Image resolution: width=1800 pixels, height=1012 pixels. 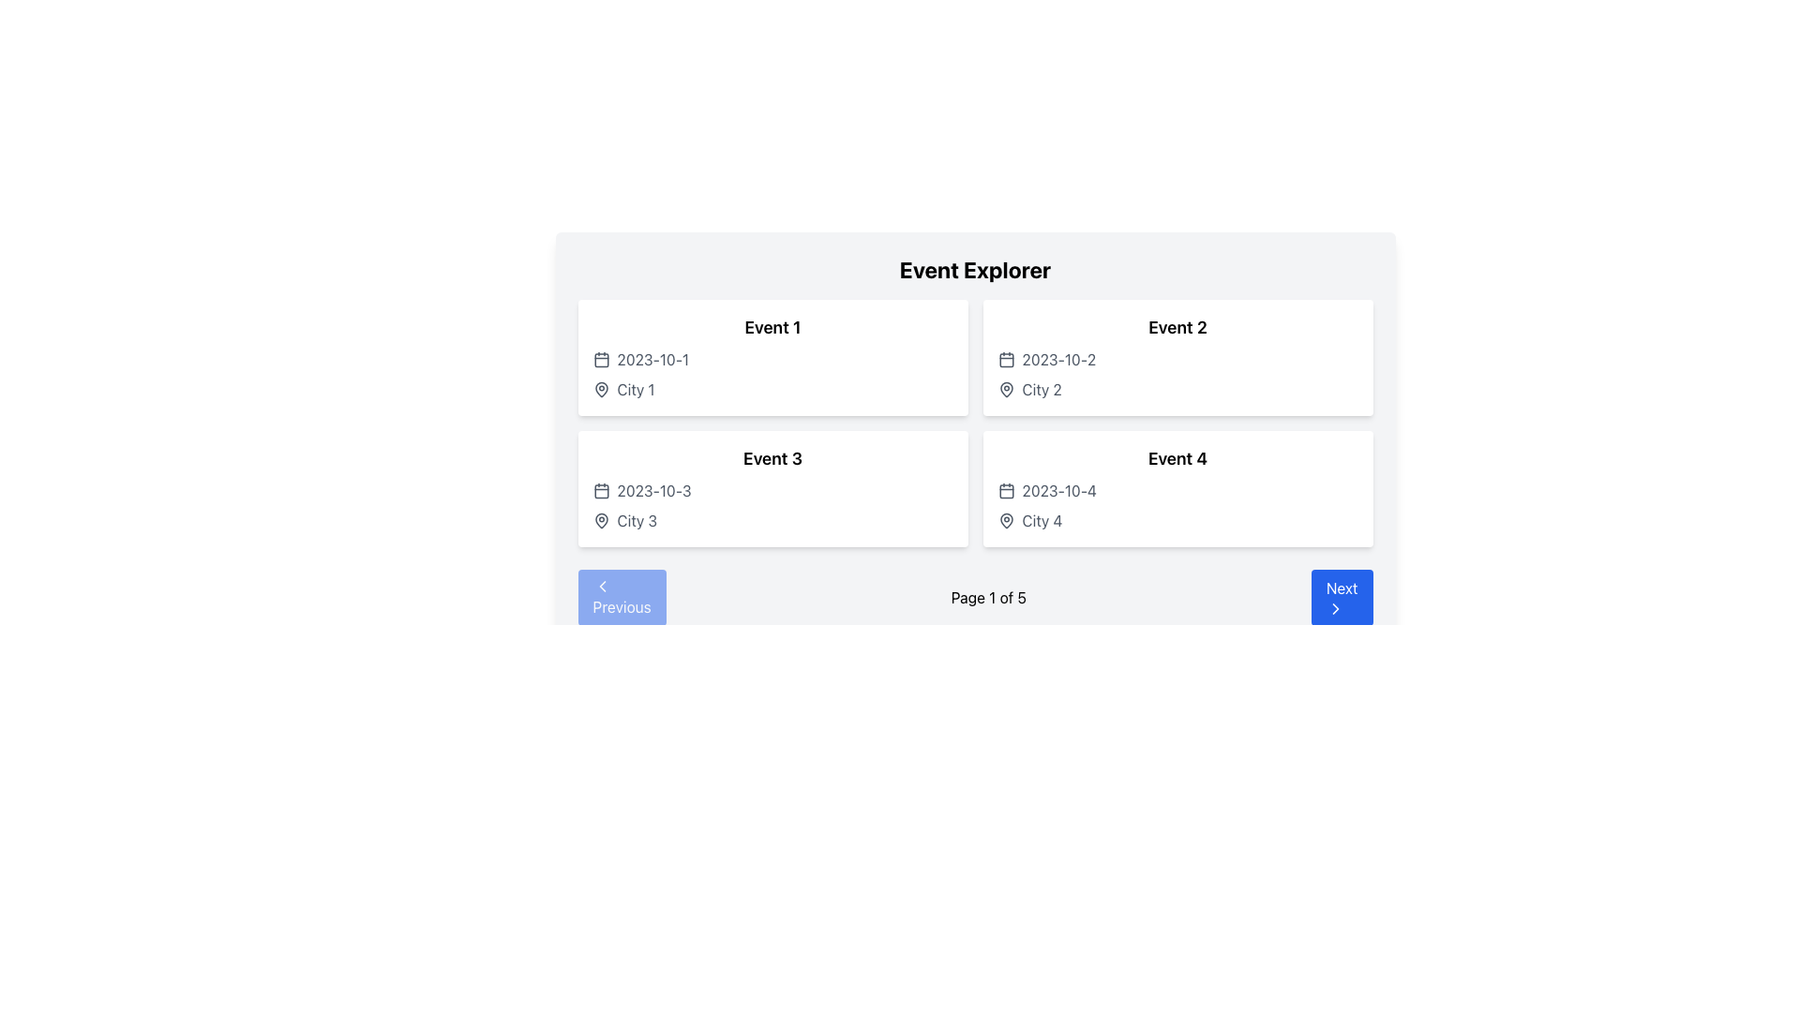 I want to click on the 'Next' button located on the far right side of the navigation bar, so click(x=1341, y=597).